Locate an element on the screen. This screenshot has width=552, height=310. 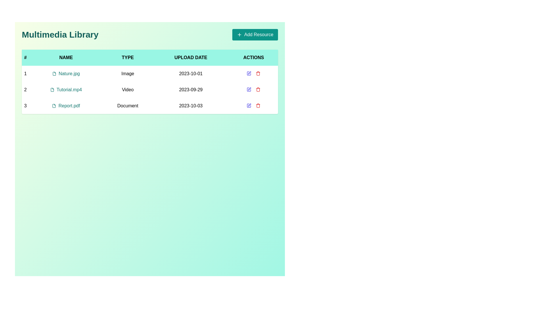
the edit icon (pen) in the actions column of the table row for 'Tutorial.mp4 Video 2023-09-29' to modify the row data is located at coordinates (253, 90).